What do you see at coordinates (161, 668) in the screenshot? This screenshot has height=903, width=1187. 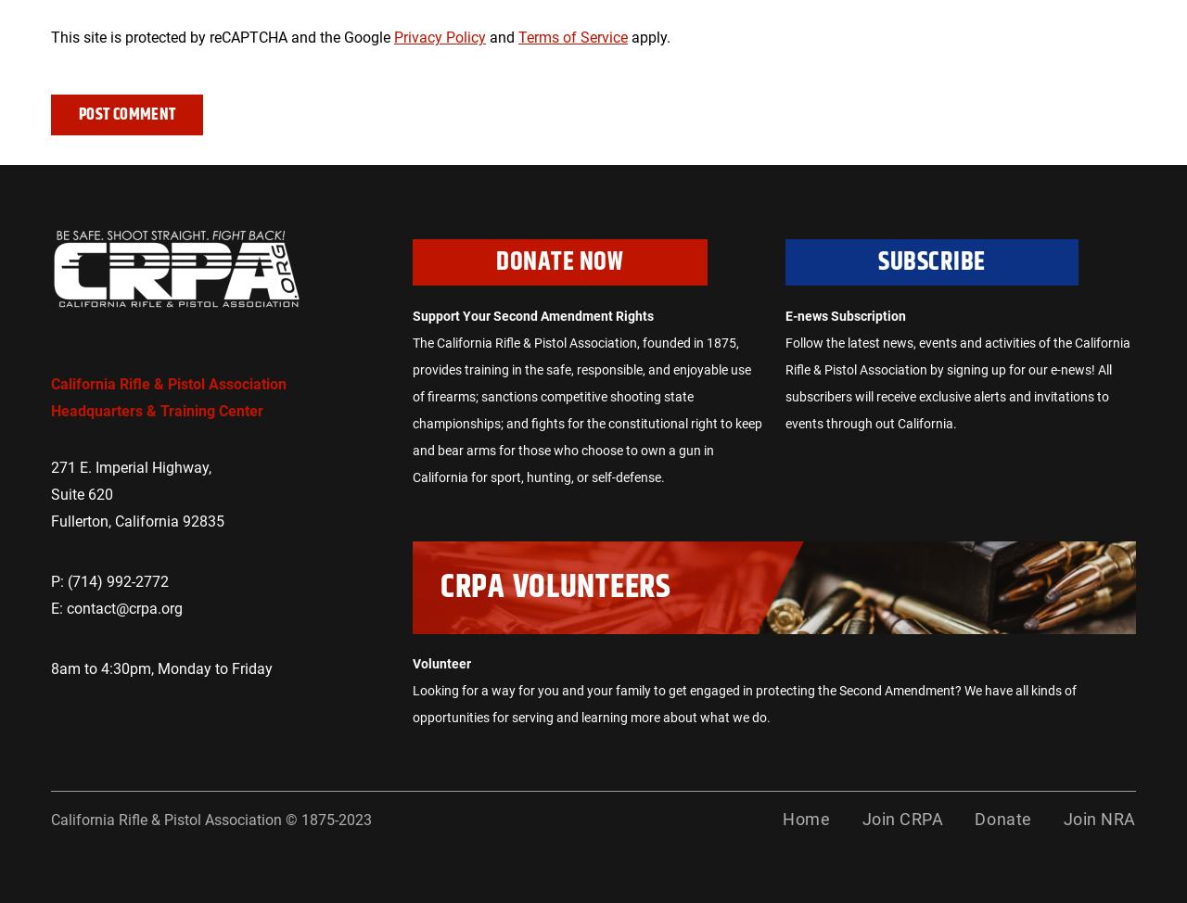 I see `'8am to 4:30pm, Monday to Friday'` at bounding box center [161, 668].